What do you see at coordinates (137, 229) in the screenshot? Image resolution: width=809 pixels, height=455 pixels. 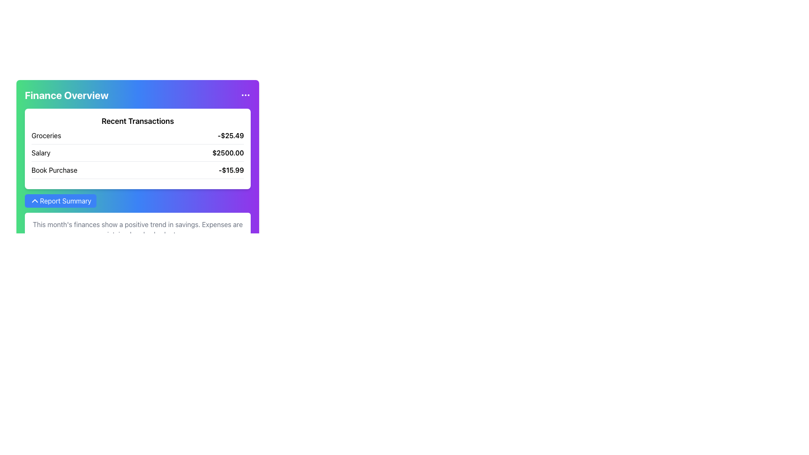 I see `the text in the Text Block that provides insights on financial performance, which is located within a white card beneath the 'Report Summary' button` at bounding box center [137, 229].